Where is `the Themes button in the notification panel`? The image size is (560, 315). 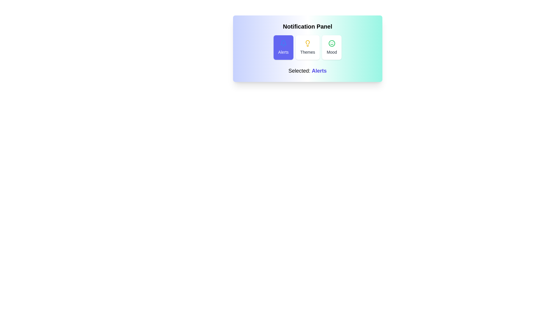
the Themes button in the notification panel is located at coordinates (307, 47).